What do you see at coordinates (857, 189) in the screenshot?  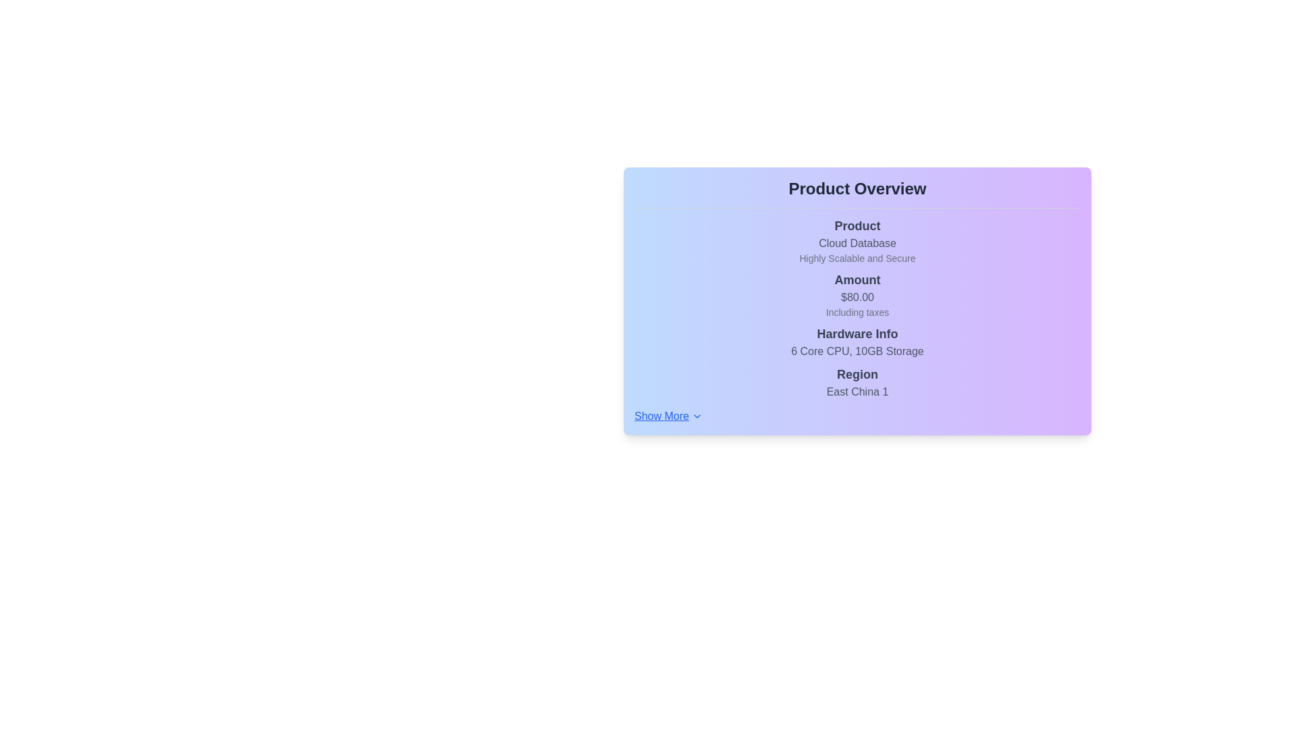 I see `text content of the header element, which is centrally aligned at the top of the card layout and serves as a title for the content below` at bounding box center [857, 189].